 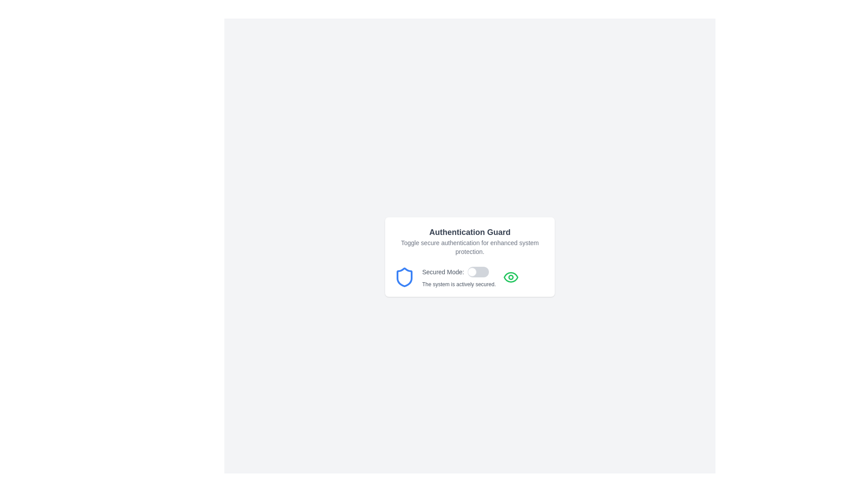 What do you see at coordinates (459, 272) in the screenshot?
I see `the static text label displaying 'Secured Mode:' which is located to the left of the toggle switch in the 'Authentication Guard' panel` at bounding box center [459, 272].